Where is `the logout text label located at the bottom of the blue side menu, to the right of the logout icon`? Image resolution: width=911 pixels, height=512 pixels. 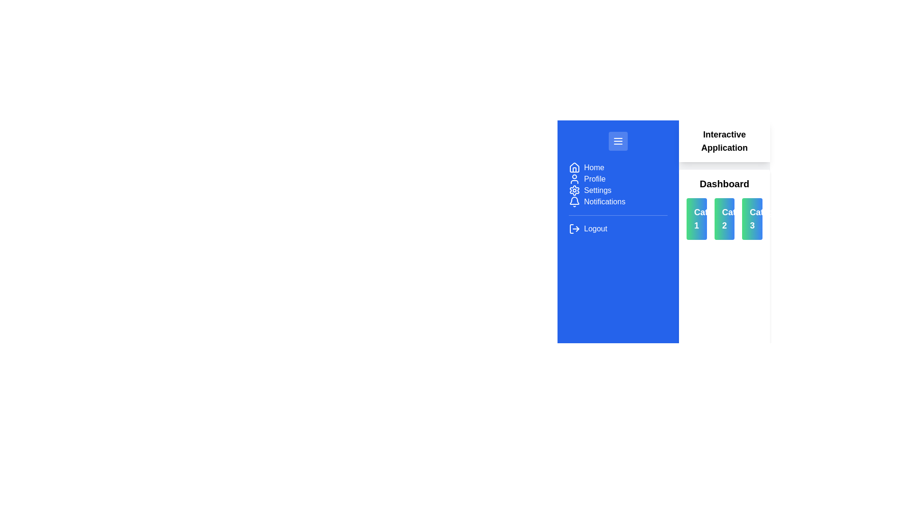
the logout text label located at the bottom of the blue side menu, to the right of the logout icon is located at coordinates (595, 229).